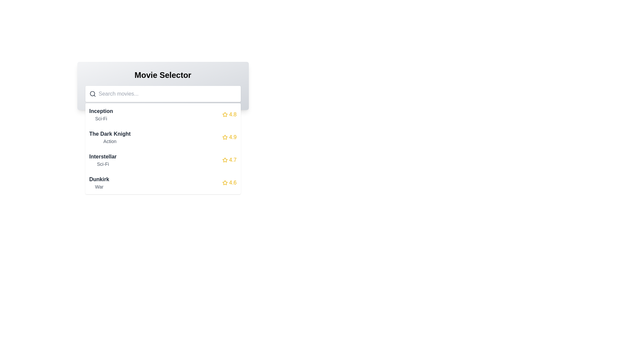  What do you see at coordinates (163, 137) in the screenshot?
I see `the selectable list item for 'The Dark Knight', which is the second item in the dropdown menu` at bounding box center [163, 137].